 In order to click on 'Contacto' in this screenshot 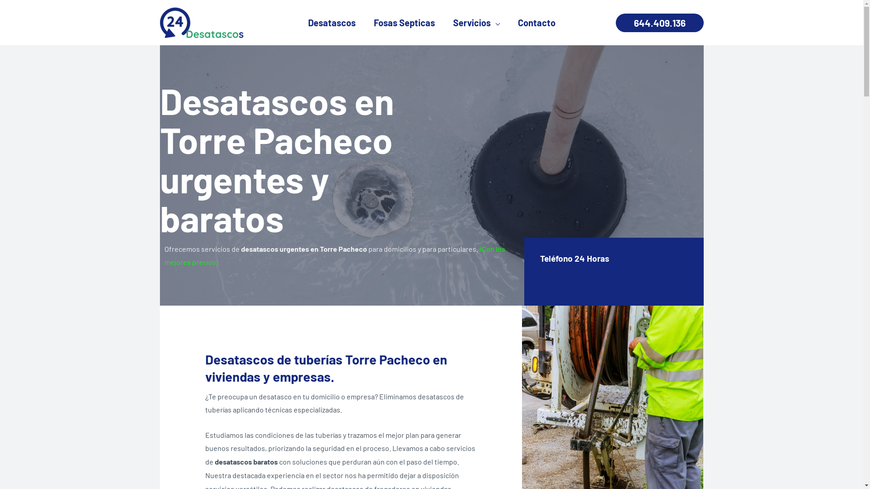, I will do `click(536, 22)`.